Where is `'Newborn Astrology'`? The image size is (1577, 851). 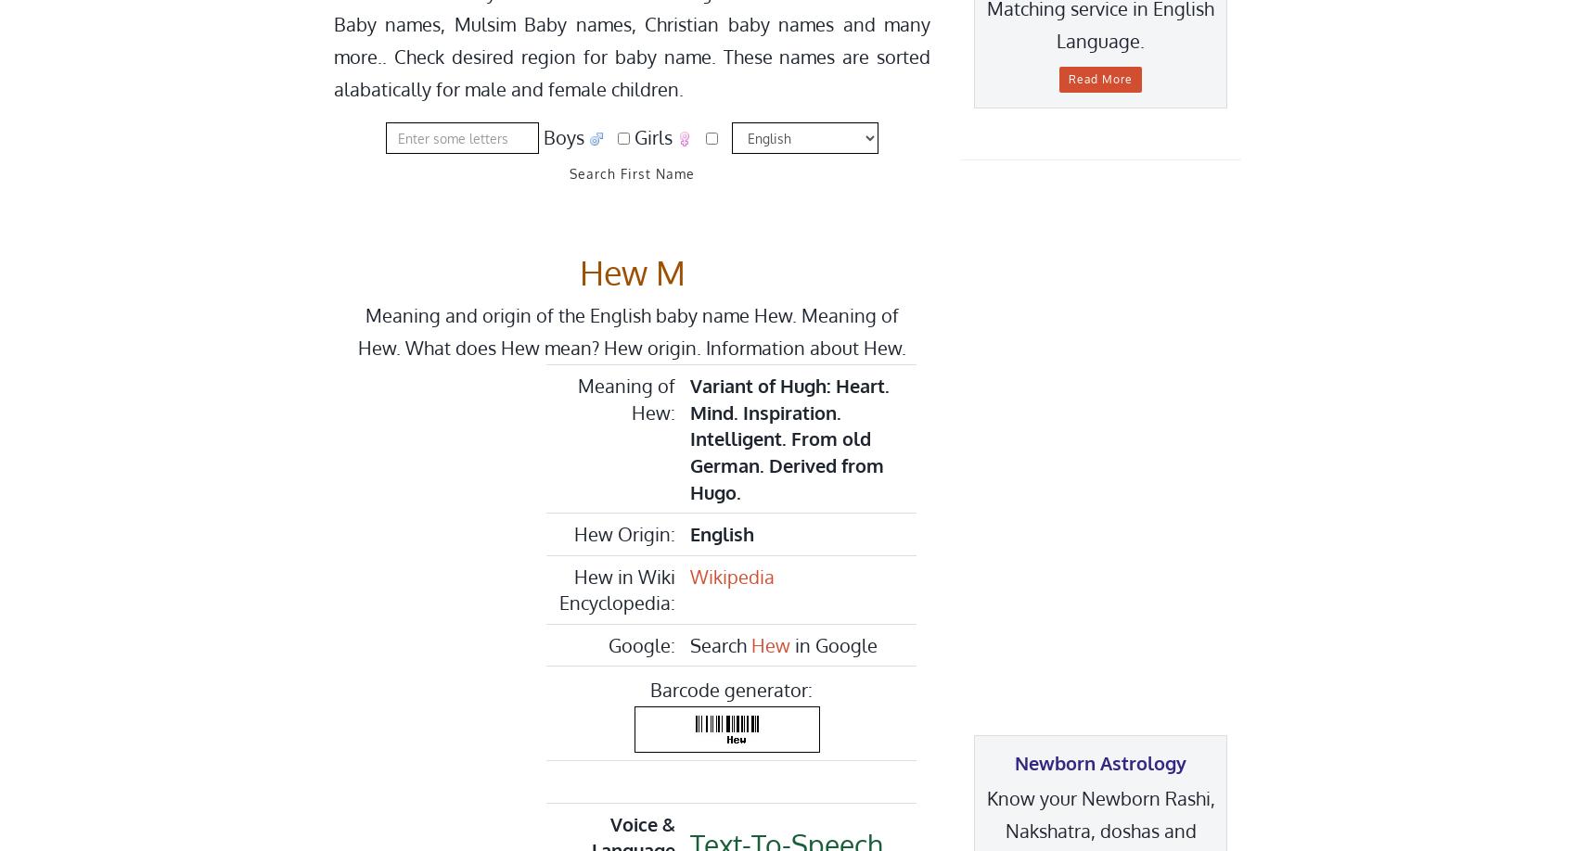
'Newborn Astrology' is located at coordinates (1014, 762).